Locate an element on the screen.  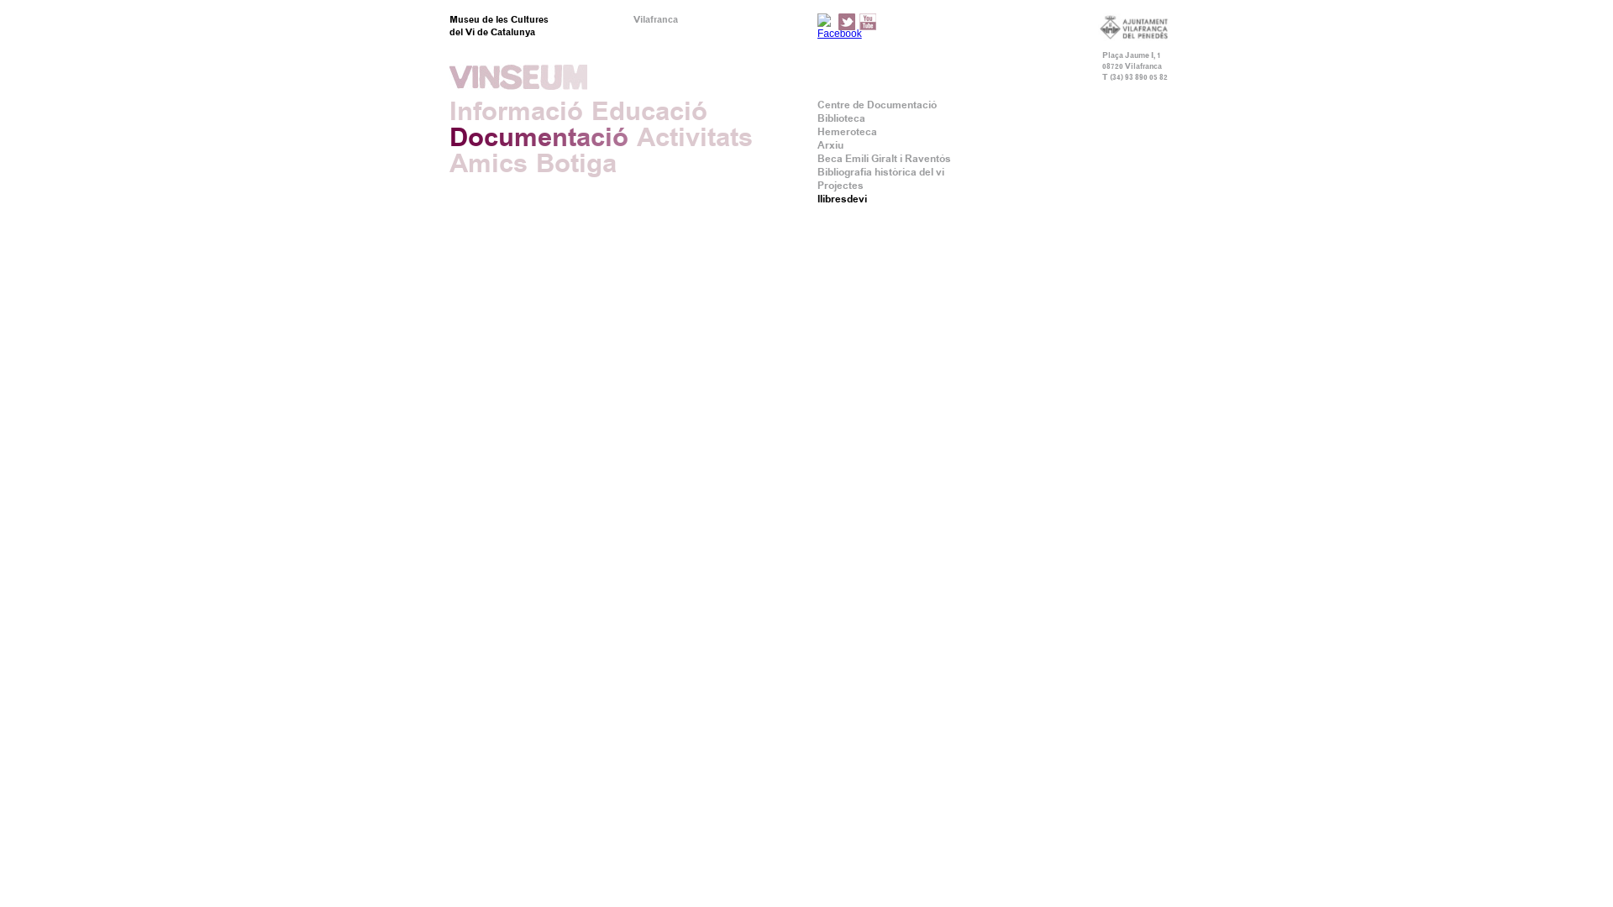
'Botiga' is located at coordinates (576, 163).